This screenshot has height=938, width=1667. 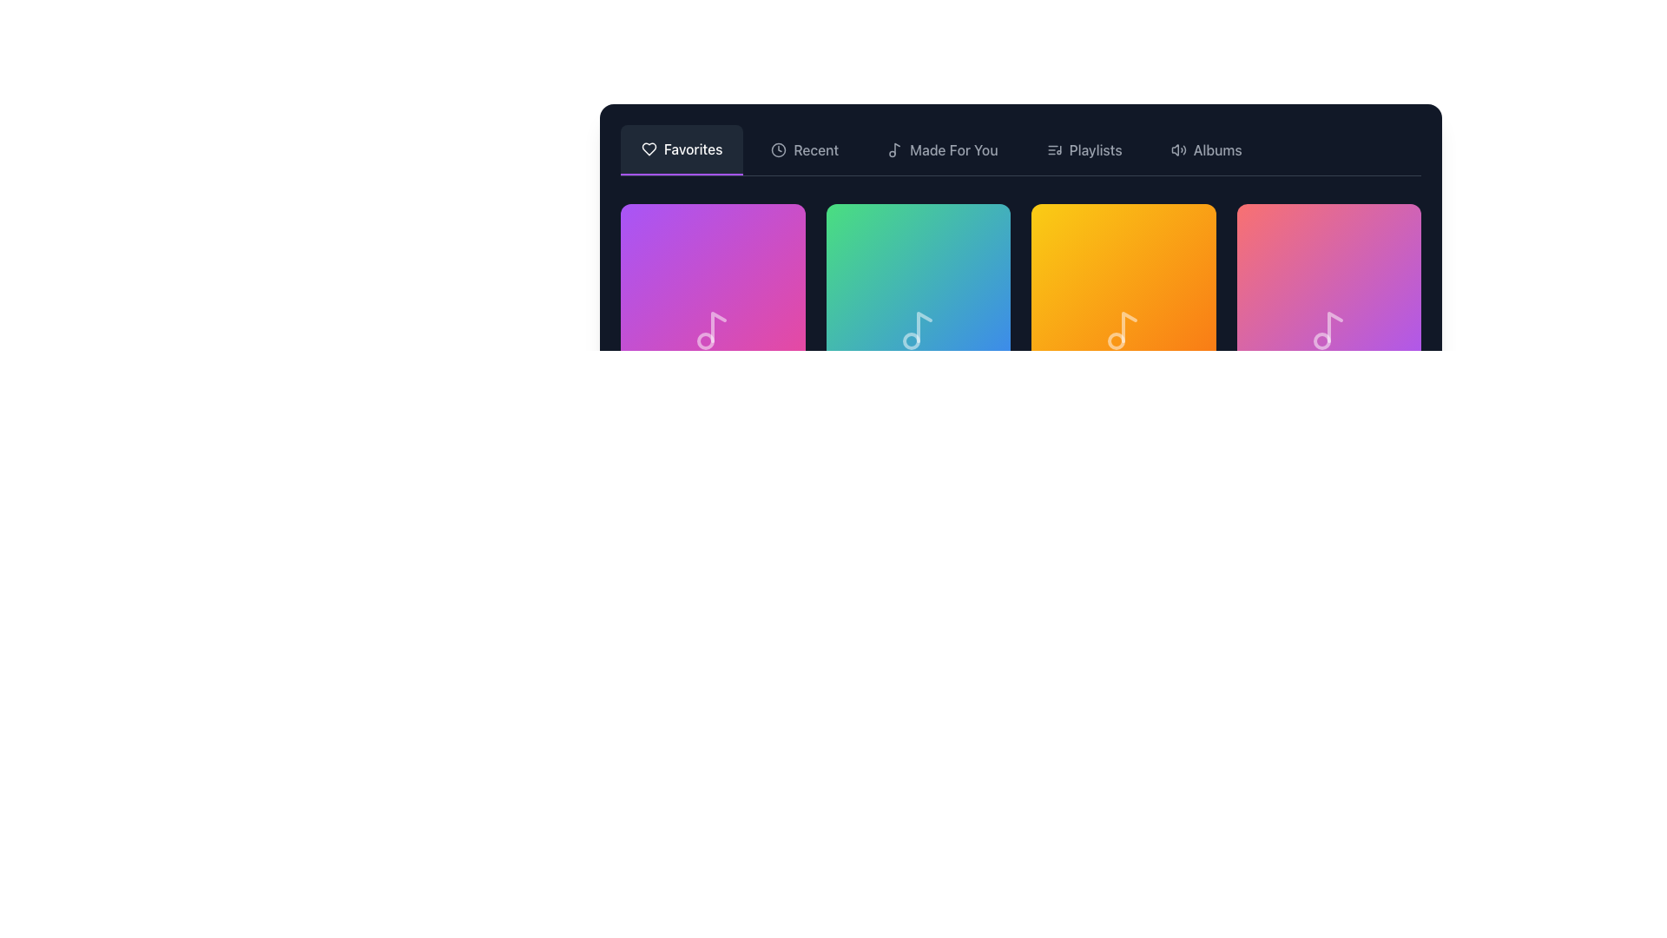 I want to click on the options trigger button located in the top-right corner of the card component, so click(x=776, y=230).